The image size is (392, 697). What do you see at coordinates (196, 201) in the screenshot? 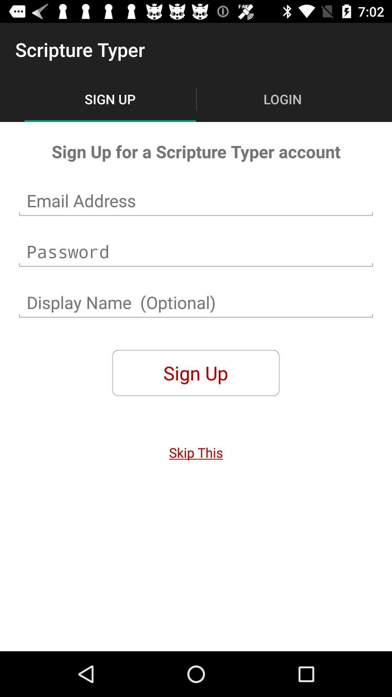
I see `email address option` at bounding box center [196, 201].